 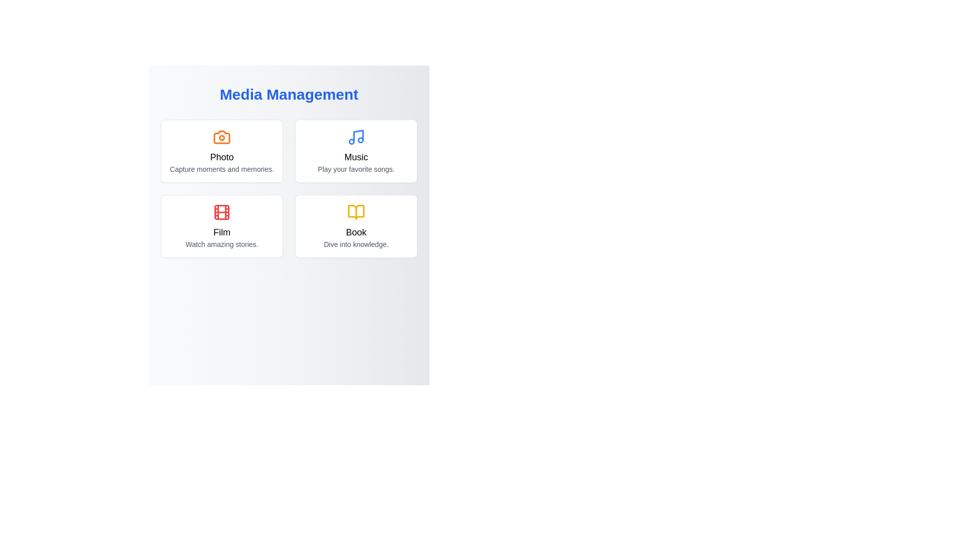 I want to click on text label that describes the 'Book' card, positioned below the 'Book' heading in the fourth card of the grid layout, so click(x=356, y=244).